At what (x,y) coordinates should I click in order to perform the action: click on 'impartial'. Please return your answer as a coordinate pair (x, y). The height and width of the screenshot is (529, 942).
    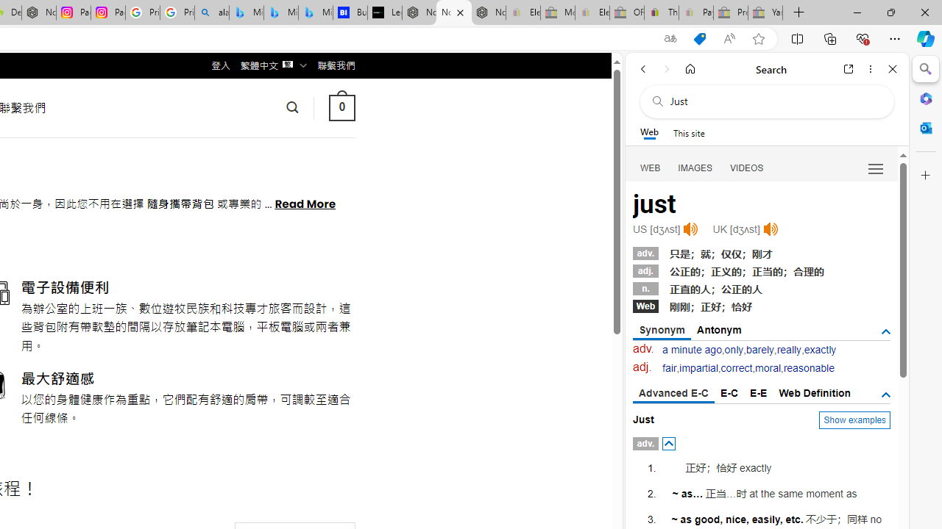
    Looking at the image, I should click on (698, 367).